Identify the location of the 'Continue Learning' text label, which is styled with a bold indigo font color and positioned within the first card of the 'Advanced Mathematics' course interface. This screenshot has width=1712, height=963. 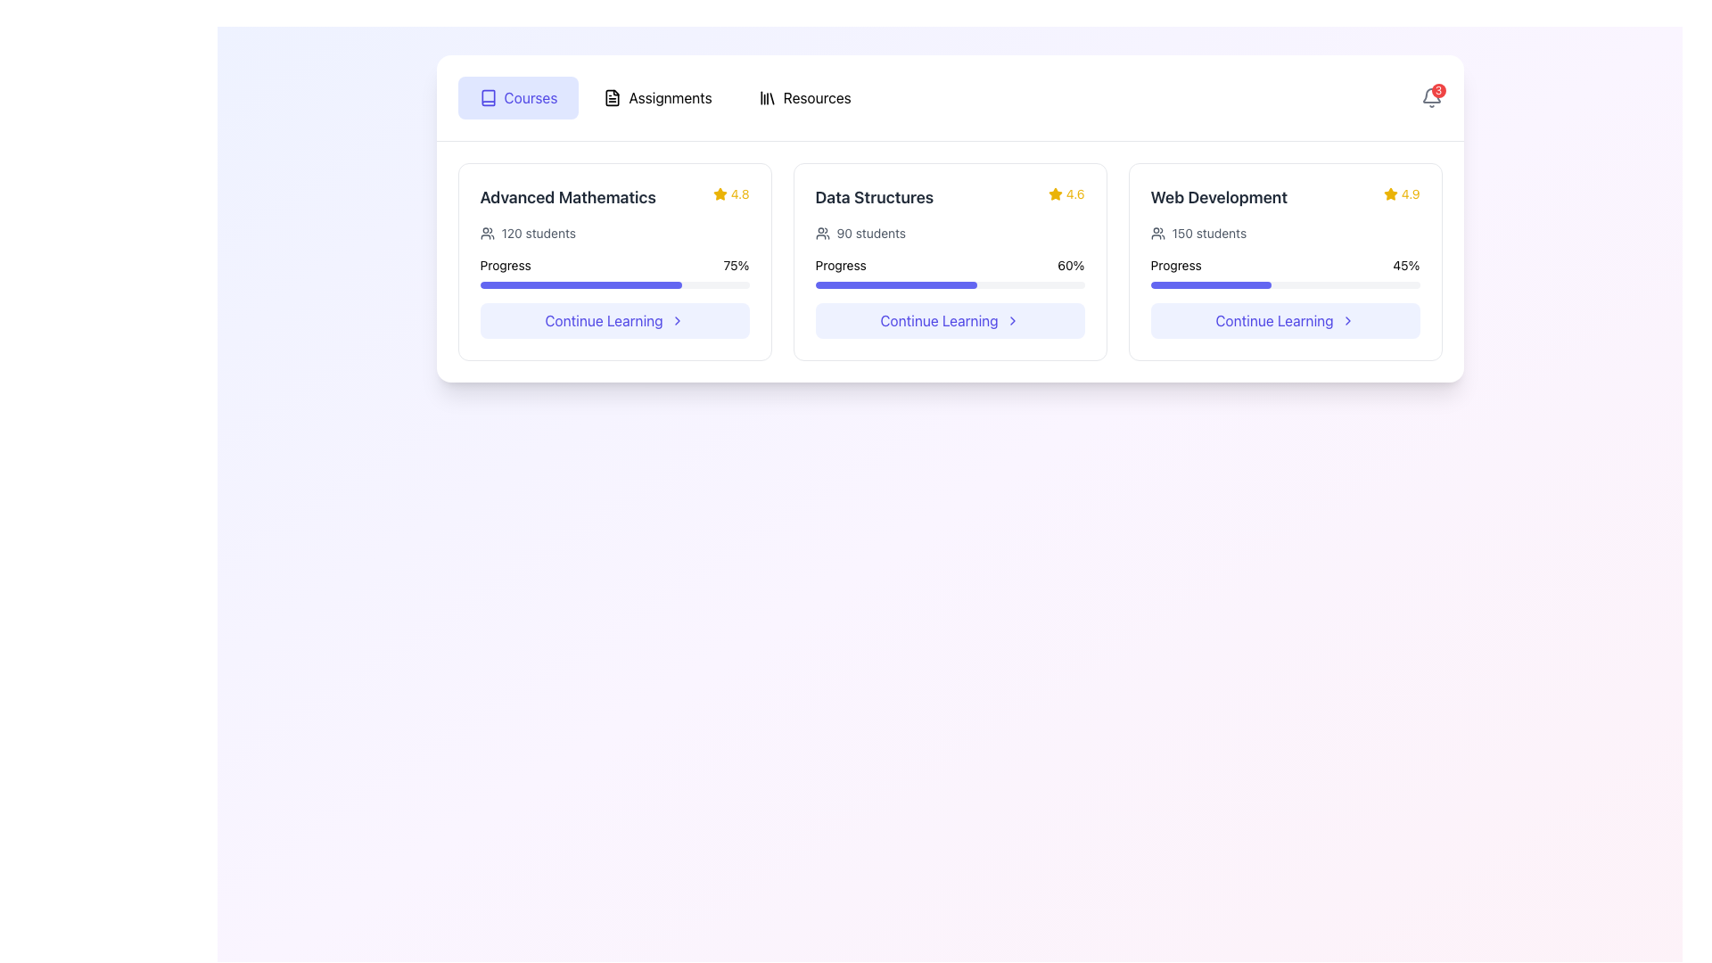
(604, 319).